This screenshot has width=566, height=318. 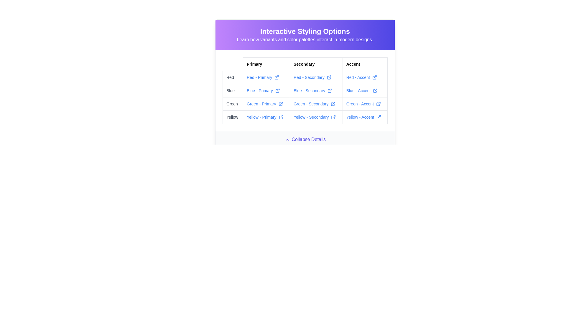 I want to click on the hyperlink in the 'Secondary' column and 'Blue' row, so click(x=312, y=91).